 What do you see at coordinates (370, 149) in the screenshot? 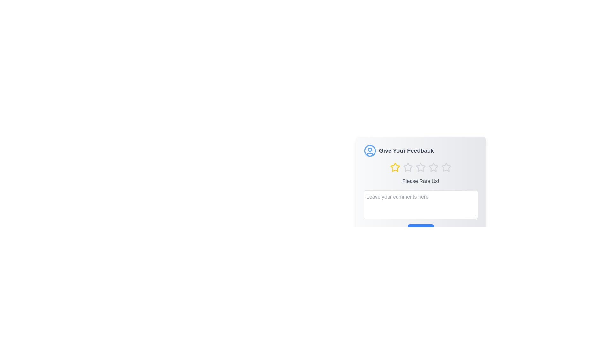
I see `the SVG Circle element located at the upper left section of the feedback component` at bounding box center [370, 149].